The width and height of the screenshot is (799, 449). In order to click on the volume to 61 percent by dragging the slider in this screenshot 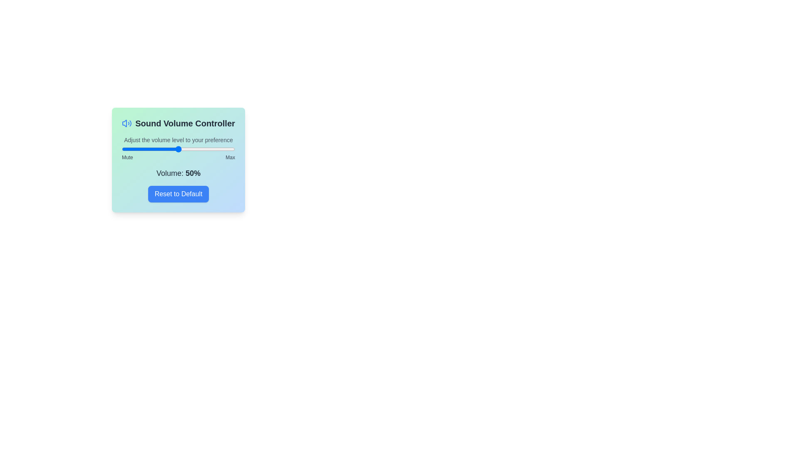, I will do `click(190, 148)`.